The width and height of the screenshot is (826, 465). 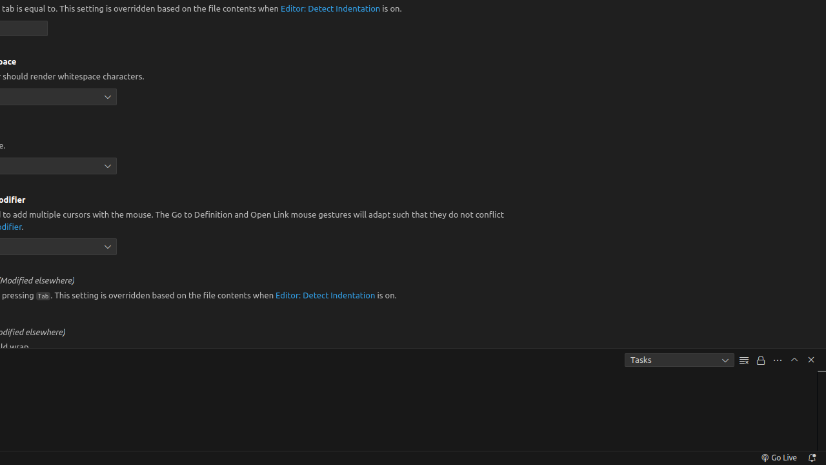 What do you see at coordinates (761, 360) in the screenshot?
I see `'Turn Auto Scrolling Off'` at bounding box center [761, 360].